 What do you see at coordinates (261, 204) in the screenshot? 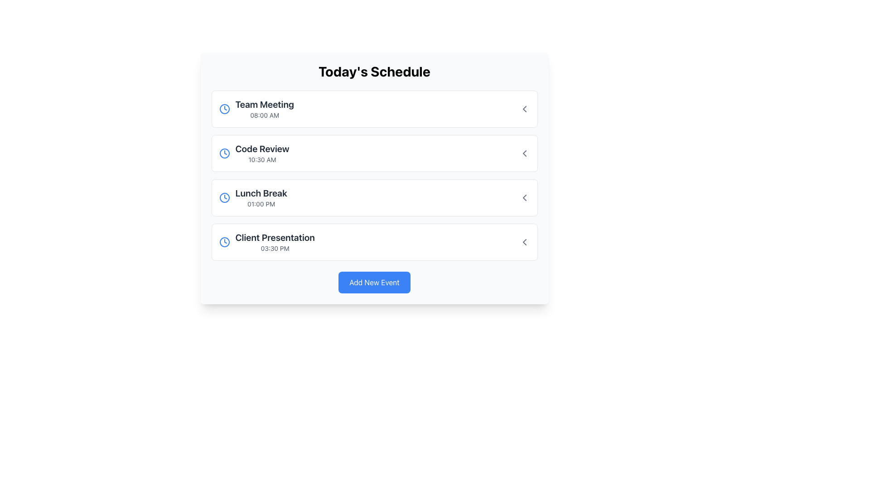
I see `the text label displaying '01:00 PM' located below the 'Lunch Break' label in the third event card of the 'Today's Schedule' section` at bounding box center [261, 204].